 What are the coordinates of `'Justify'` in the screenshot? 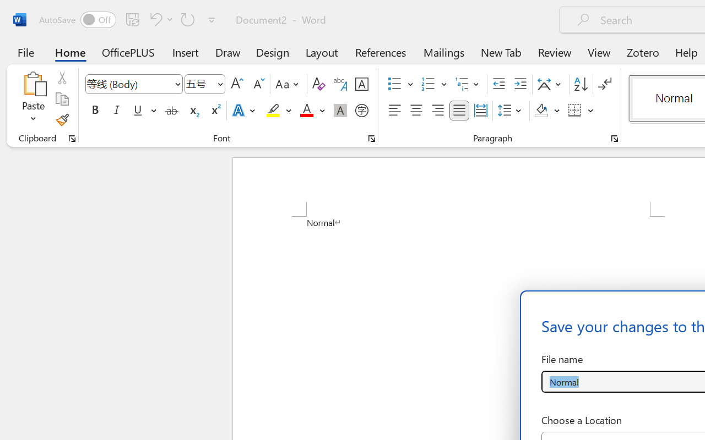 It's located at (459, 111).